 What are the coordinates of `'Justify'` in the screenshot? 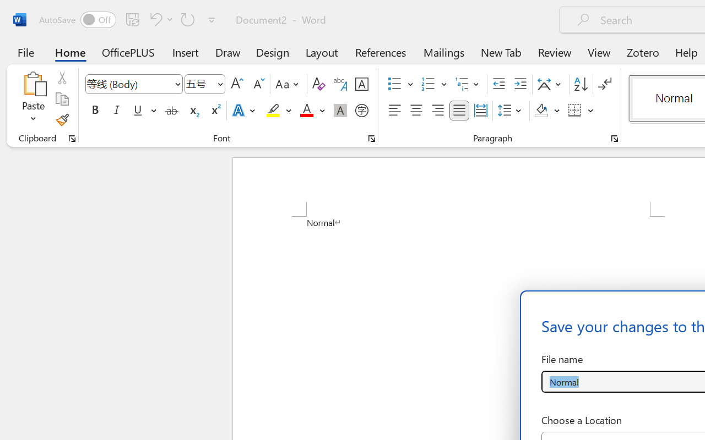 It's located at (459, 111).